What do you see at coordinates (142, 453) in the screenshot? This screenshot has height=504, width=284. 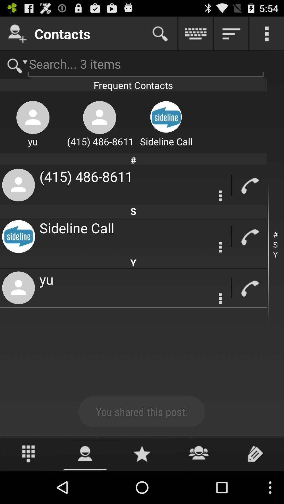 I see `open favourites tab` at bounding box center [142, 453].